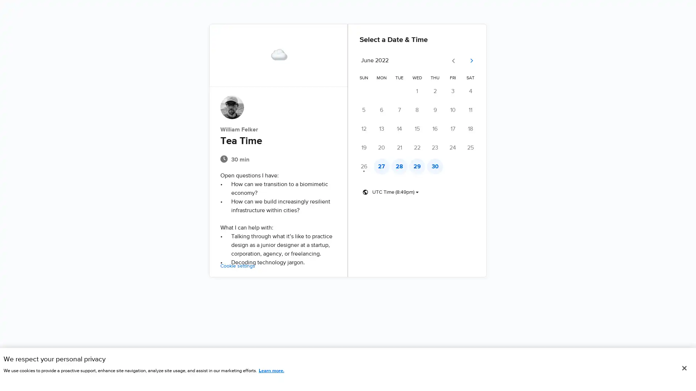  I want to click on Sunday, June 26 - No times available, so click(364, 166).